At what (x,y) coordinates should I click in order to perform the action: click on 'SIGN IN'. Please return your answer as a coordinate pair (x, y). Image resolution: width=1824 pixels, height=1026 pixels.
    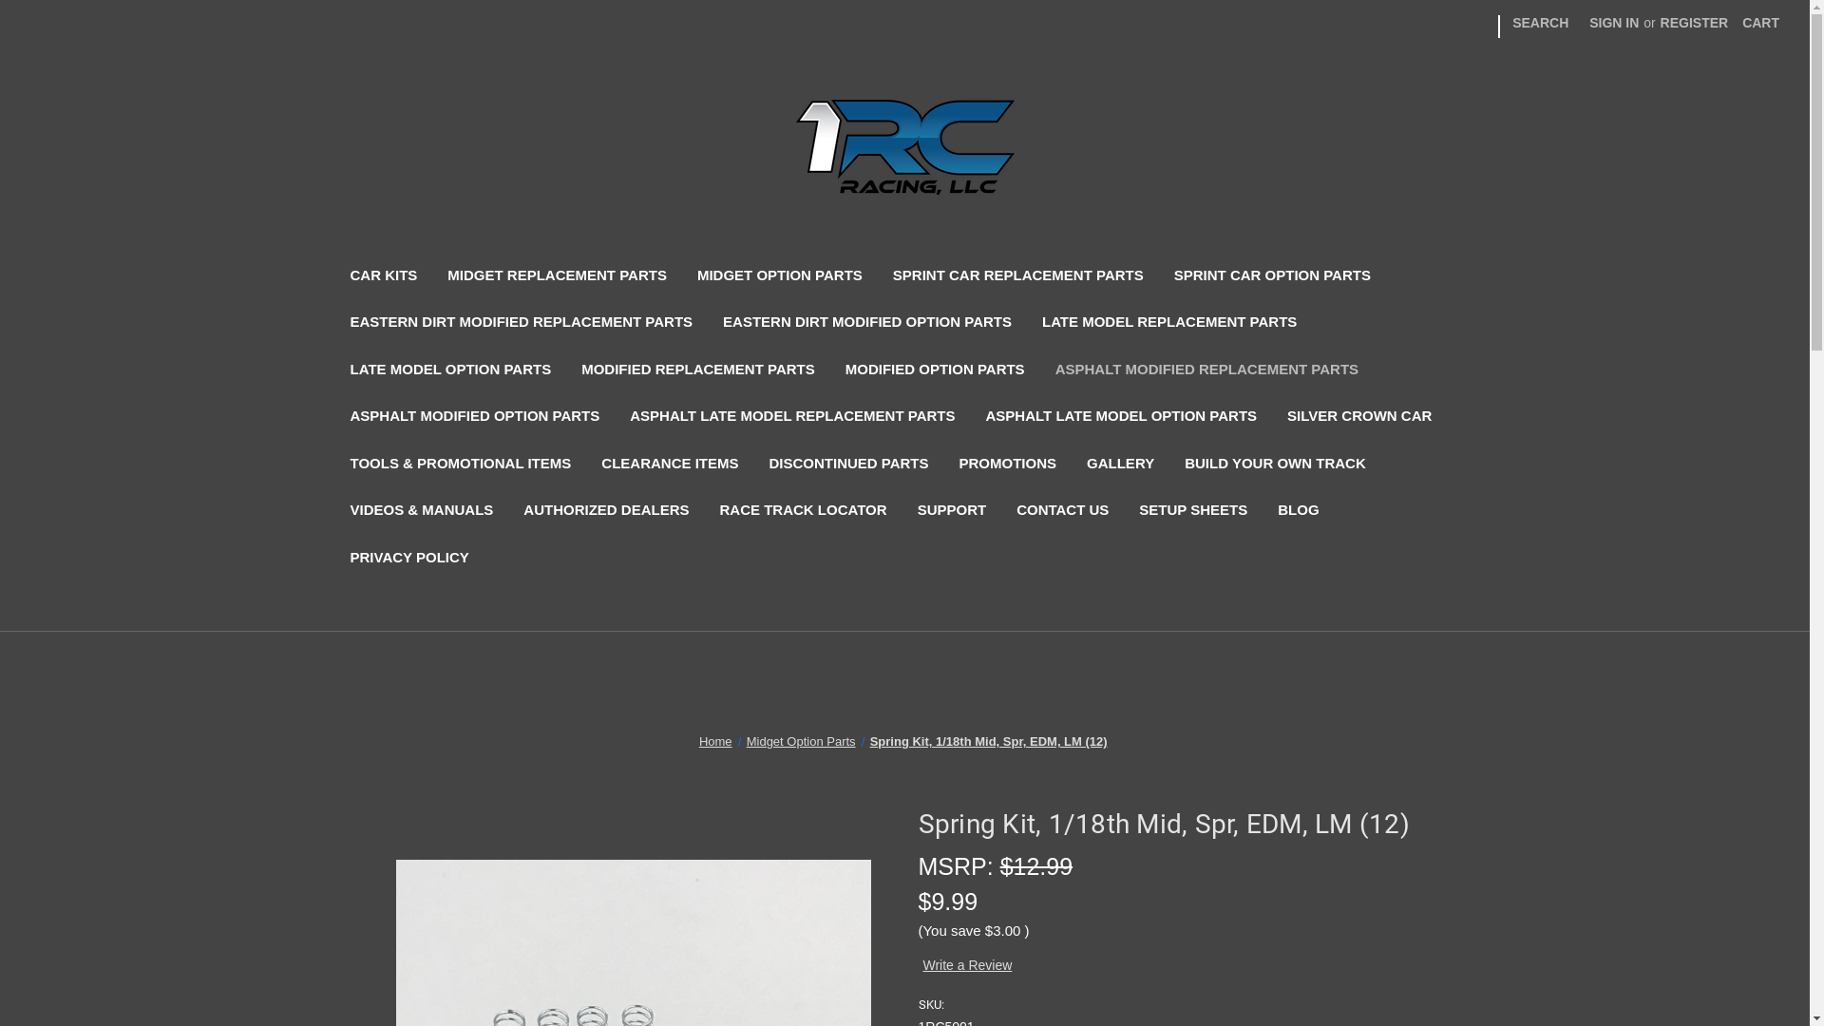
    Looking at the image, I should click on (1613, 23).